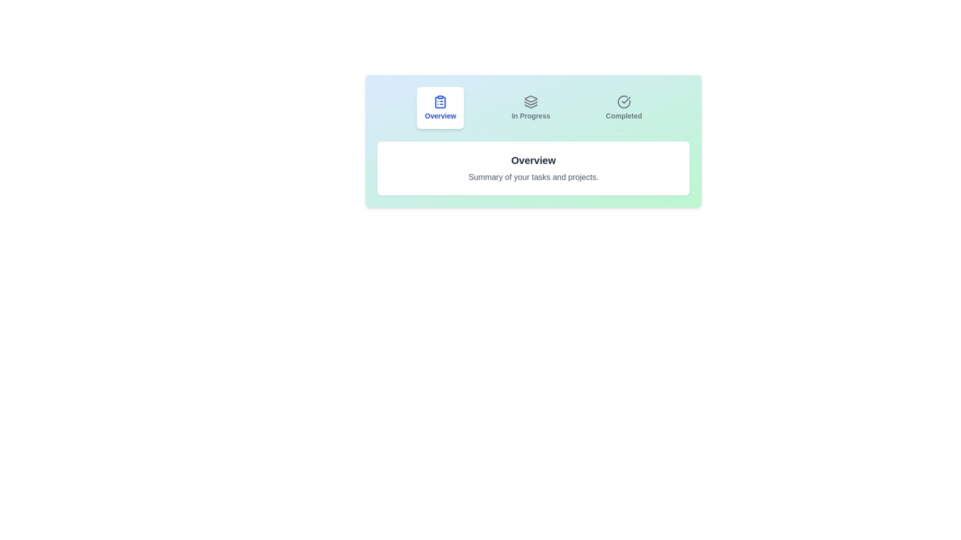  What do you see at coordinates (530, 108) in the screenshot?
I see `the tab labeled In Progress to view its summary text` at bounding box center [530, 108].